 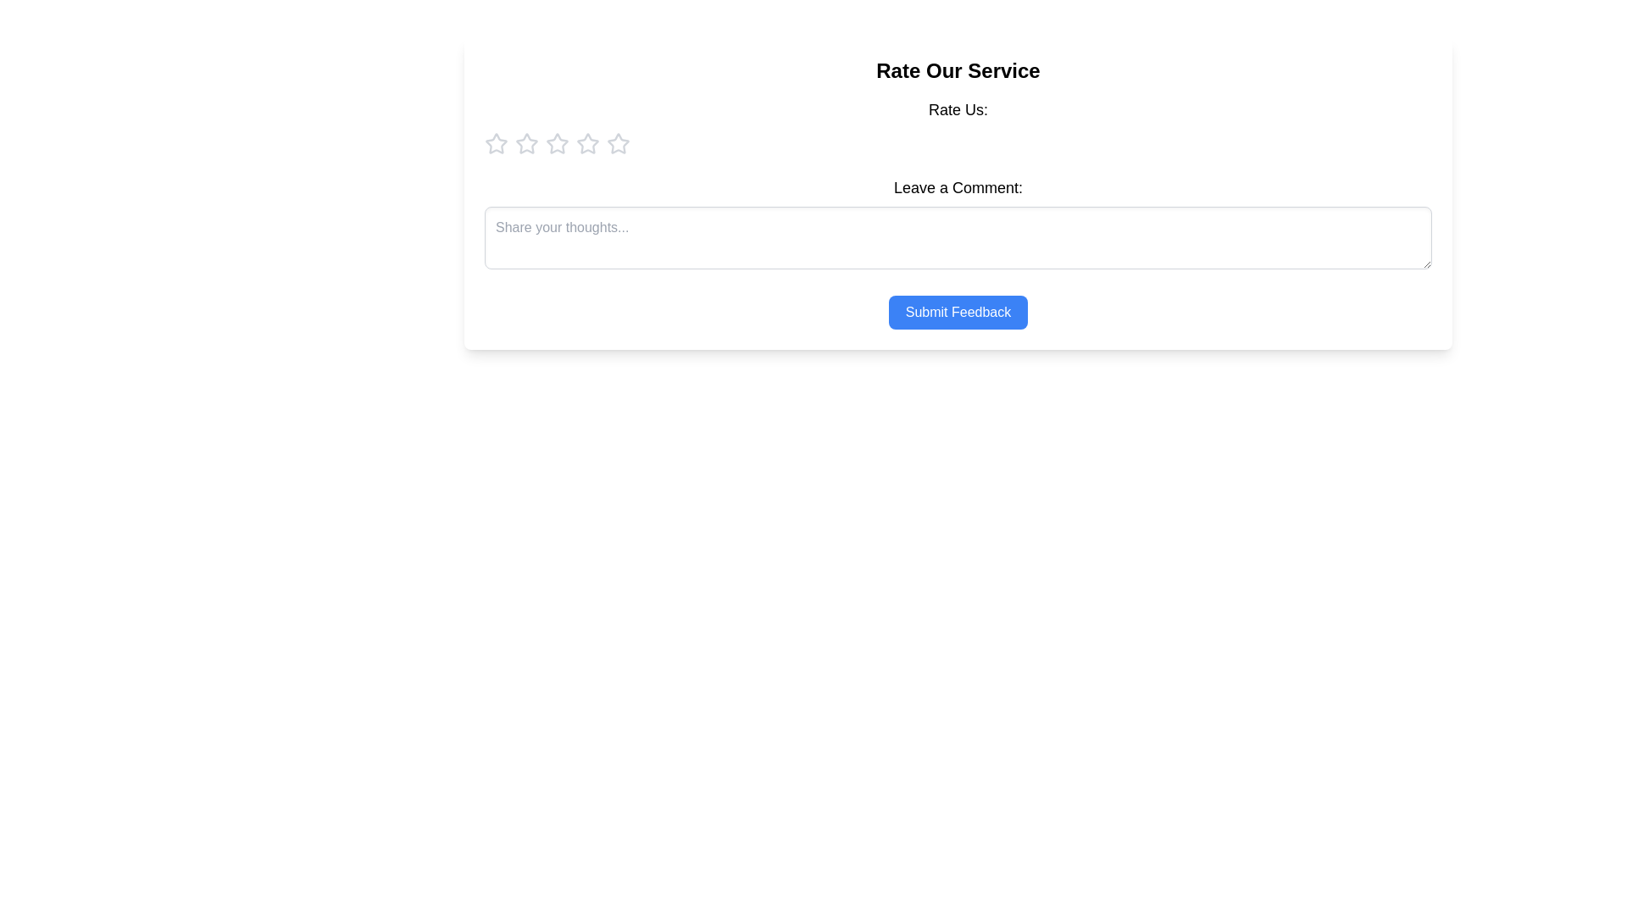 What do you see at coordinates (495, 142) in the screenshot?
I see `the rating to 1 stars by clicking on the corresponding star` at bounding box center [495, 142].